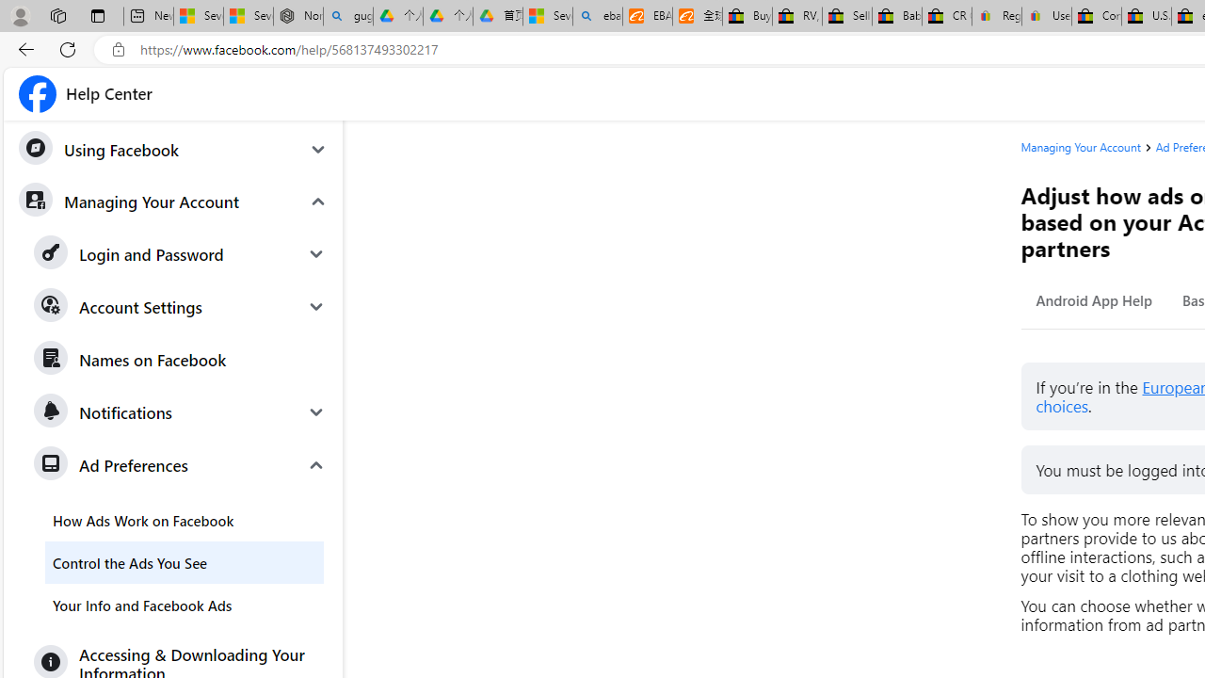 This screenshot has height=678, width=1205. What do you see at coordinates (181, 464) in the screenshot?
I see `'Ad Preferences'` at bounding box center [181, 464].